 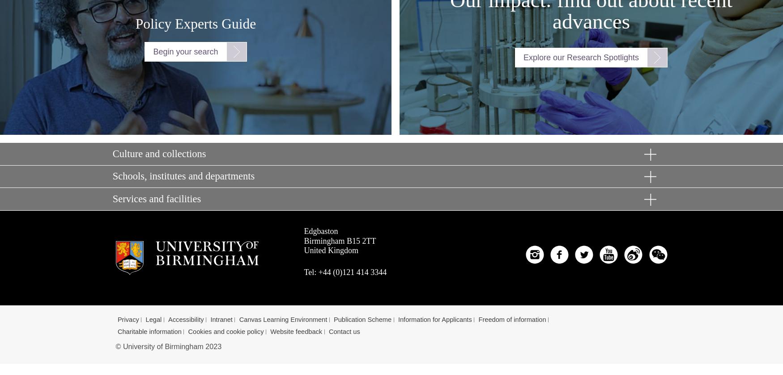 What do you see at coordinates (145, 320) in the screenshot?
I see `'Legal'` at bounding box center [145, 320].